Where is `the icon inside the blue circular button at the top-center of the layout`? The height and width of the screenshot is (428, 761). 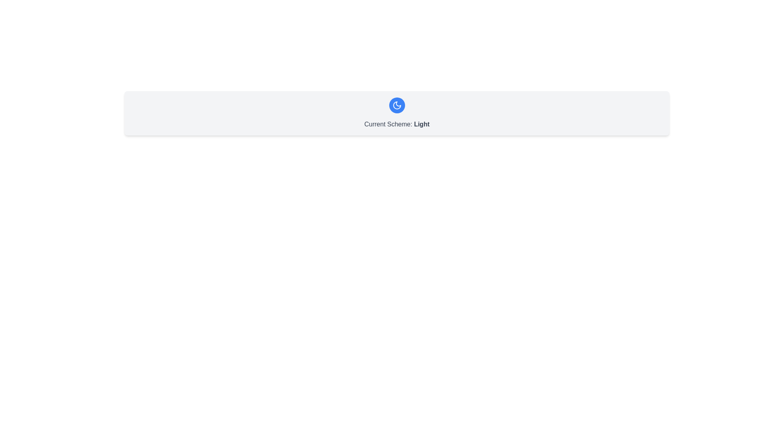
the icon inside the blue circular button at the top-center of the layout is located at coordinates (397, 105).